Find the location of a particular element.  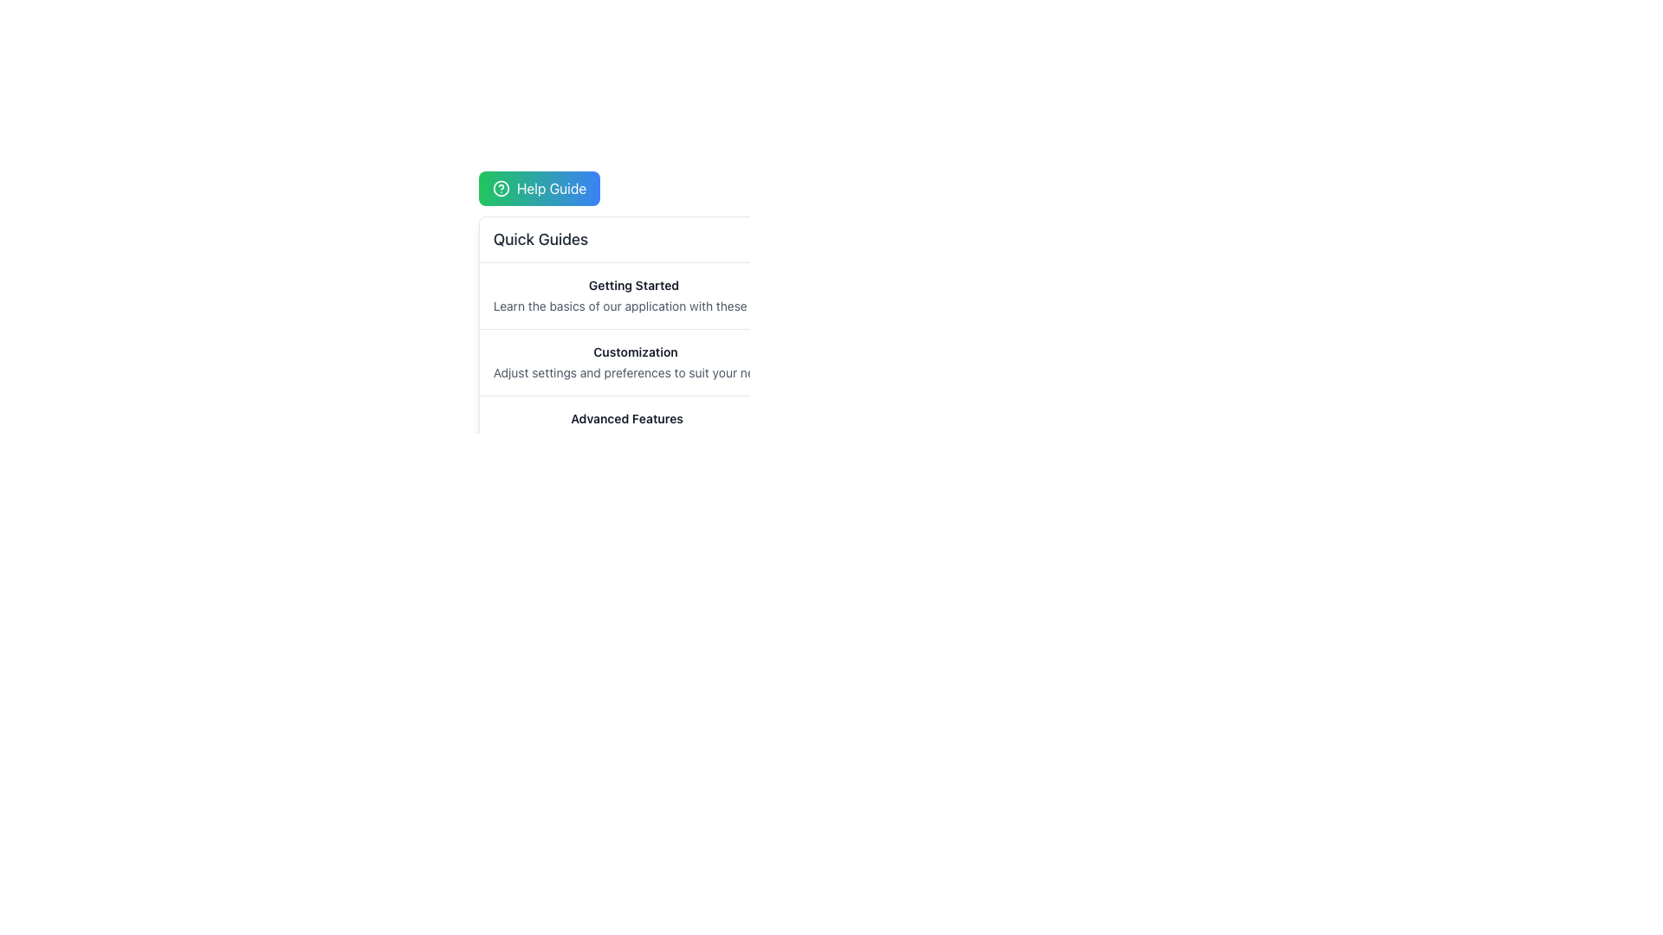

text displayed in the 'Getting Started' section, which includes a bolded heading and a secondary text that provides tips for using the application is located at coordinates (633, 295).